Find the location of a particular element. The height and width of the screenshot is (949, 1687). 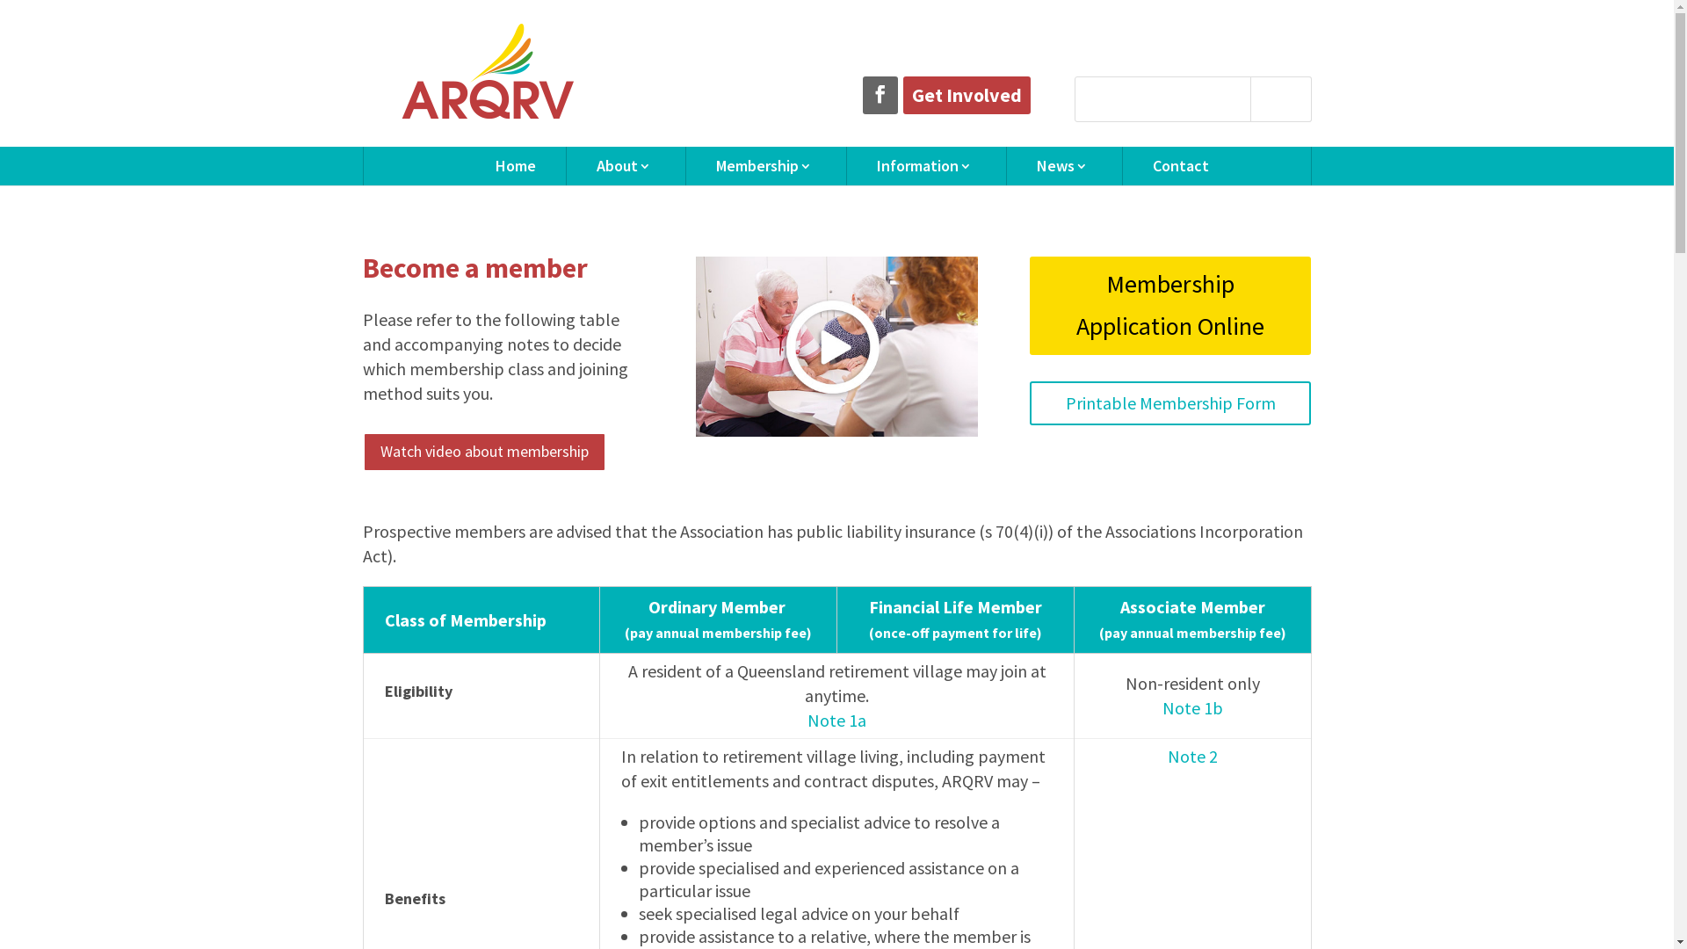

'Note 1a' is located at coordinates (836, 720).